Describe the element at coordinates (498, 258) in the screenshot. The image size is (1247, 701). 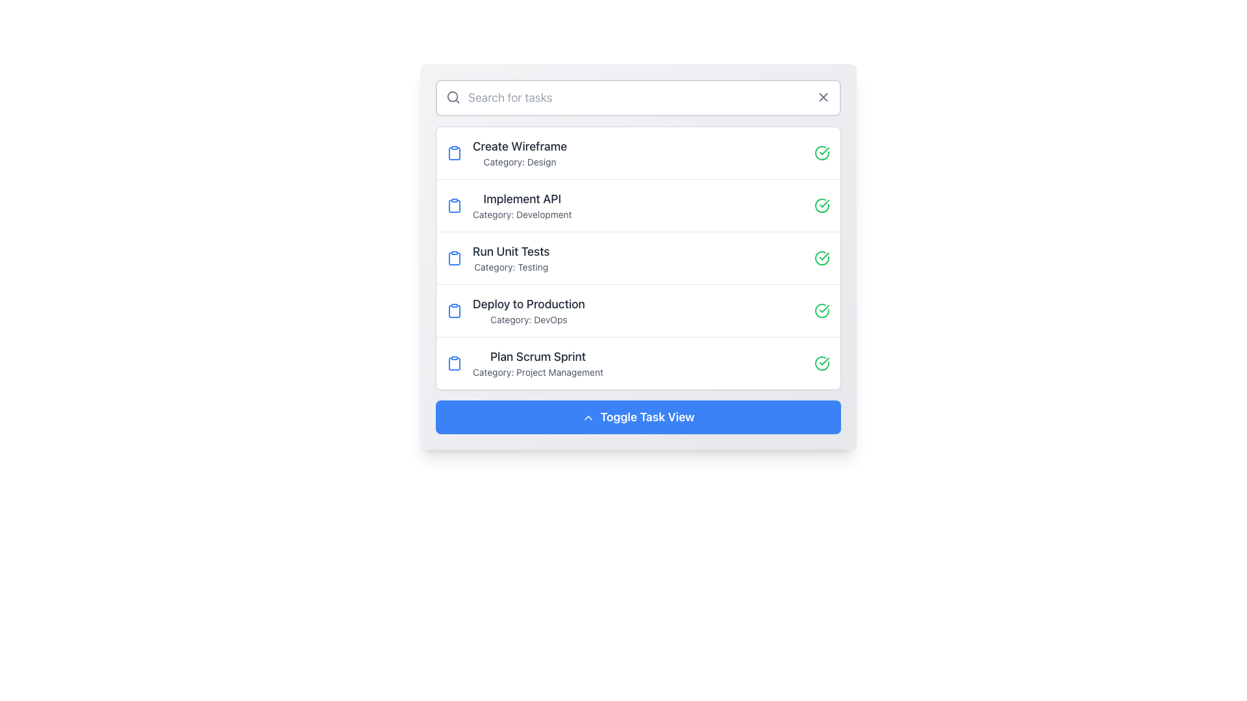
I see `the List Item element that displays 'Run Unit Tests' with a blue clipboard icon, which is the third item in the task list` at that location.